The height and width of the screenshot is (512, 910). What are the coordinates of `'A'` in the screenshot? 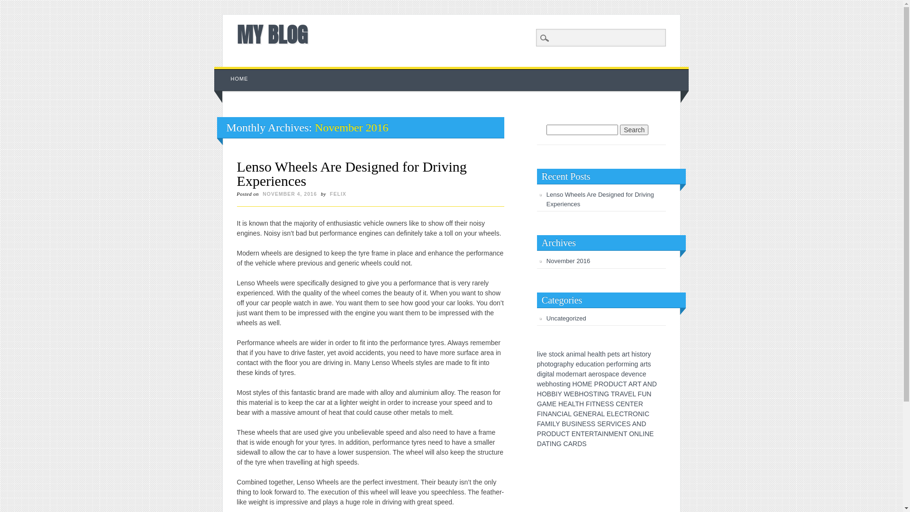 It's located at (621, 393).